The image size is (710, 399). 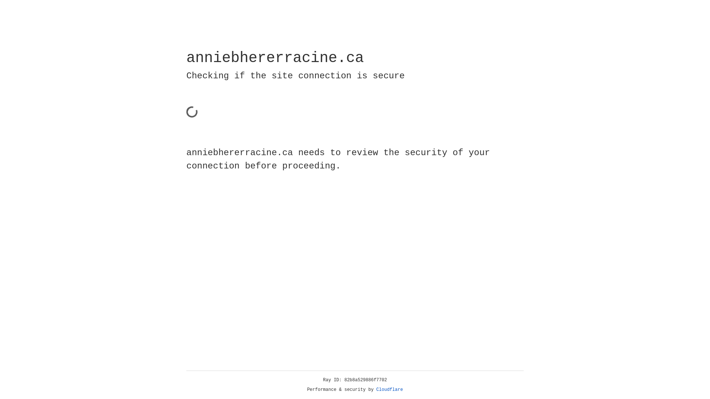 I want to click on 'Cloudflare', so click(x=376, y=389).